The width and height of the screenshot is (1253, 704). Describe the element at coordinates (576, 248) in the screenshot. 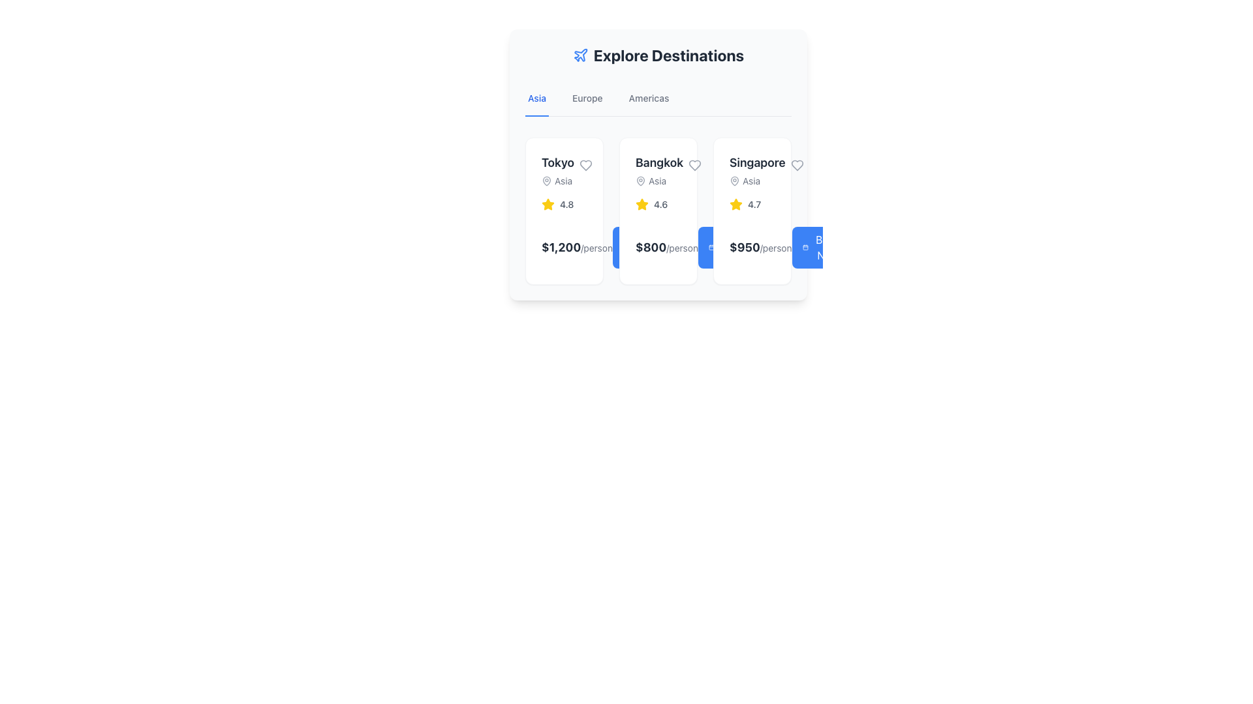

I see `the text label that displays the pricing information for the travel package to Tokyo, located at the top-left corner of the grid layout` at that location.